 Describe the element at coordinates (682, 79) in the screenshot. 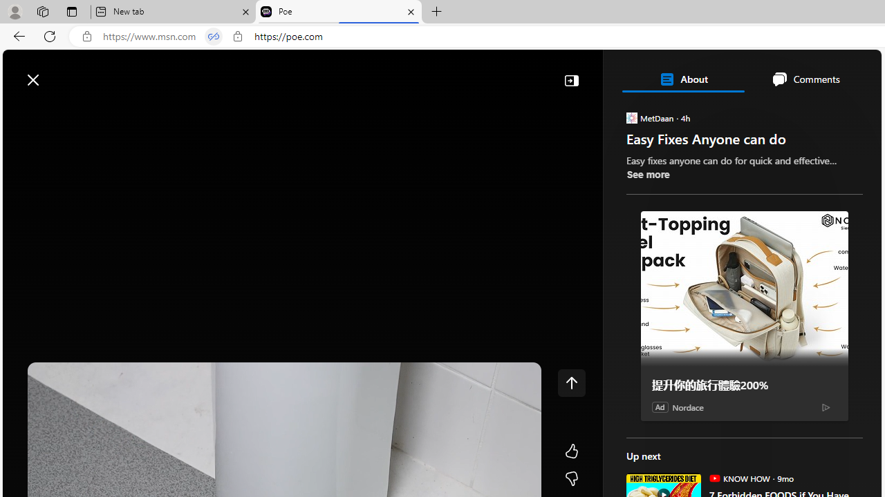

I see `'About'` at that location.